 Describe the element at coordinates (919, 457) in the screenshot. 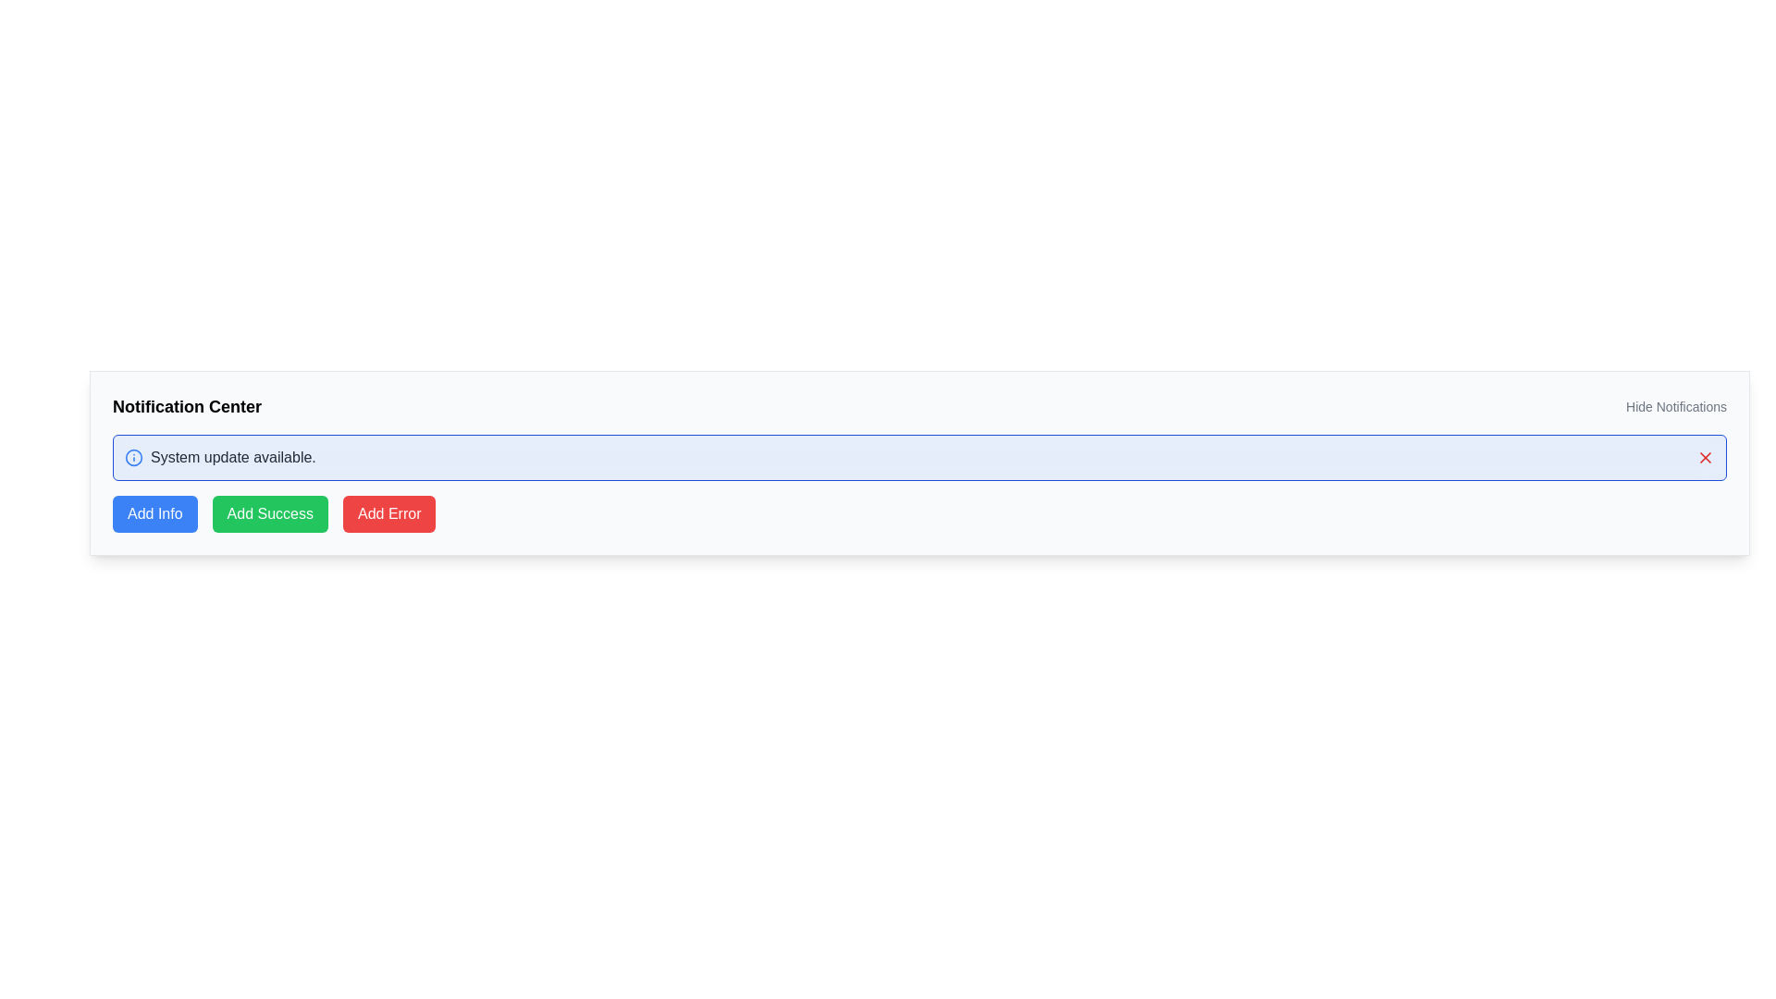

I see `the Notification banner that displays a system update message, located in the notification center panel below the title bar 'Notification Center'` at that location.